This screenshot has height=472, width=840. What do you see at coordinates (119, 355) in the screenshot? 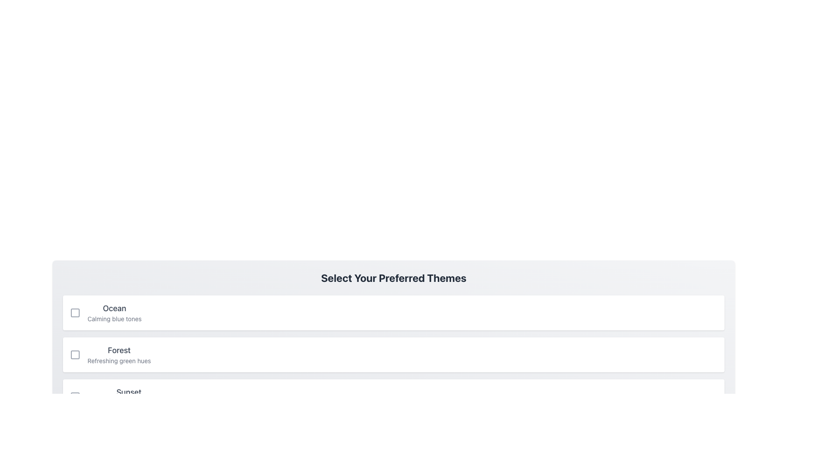
I see `the 'Forest' theme label text to potentially display additional information` at bounding box center [119, 355].